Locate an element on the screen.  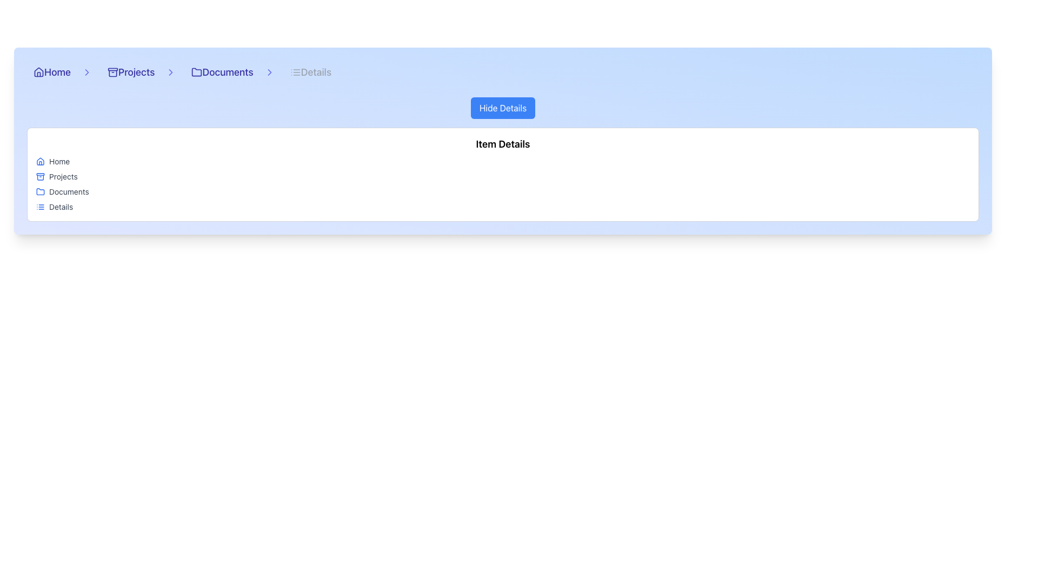
the house-shaped icon located to the left of the 'Home' label in the navigation bar is located at coordinates (39, 72).